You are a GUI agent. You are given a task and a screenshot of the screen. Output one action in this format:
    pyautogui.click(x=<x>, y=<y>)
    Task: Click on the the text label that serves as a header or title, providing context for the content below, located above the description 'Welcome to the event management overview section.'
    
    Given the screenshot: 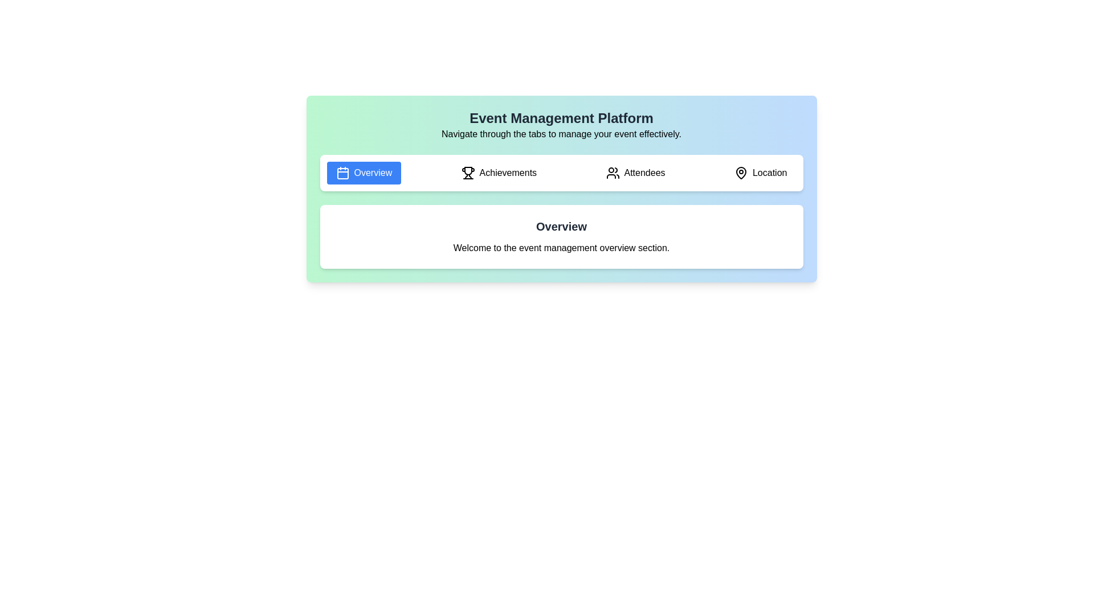 What is the action you would take?
    pyautogui.click(x=561, y=226)
    